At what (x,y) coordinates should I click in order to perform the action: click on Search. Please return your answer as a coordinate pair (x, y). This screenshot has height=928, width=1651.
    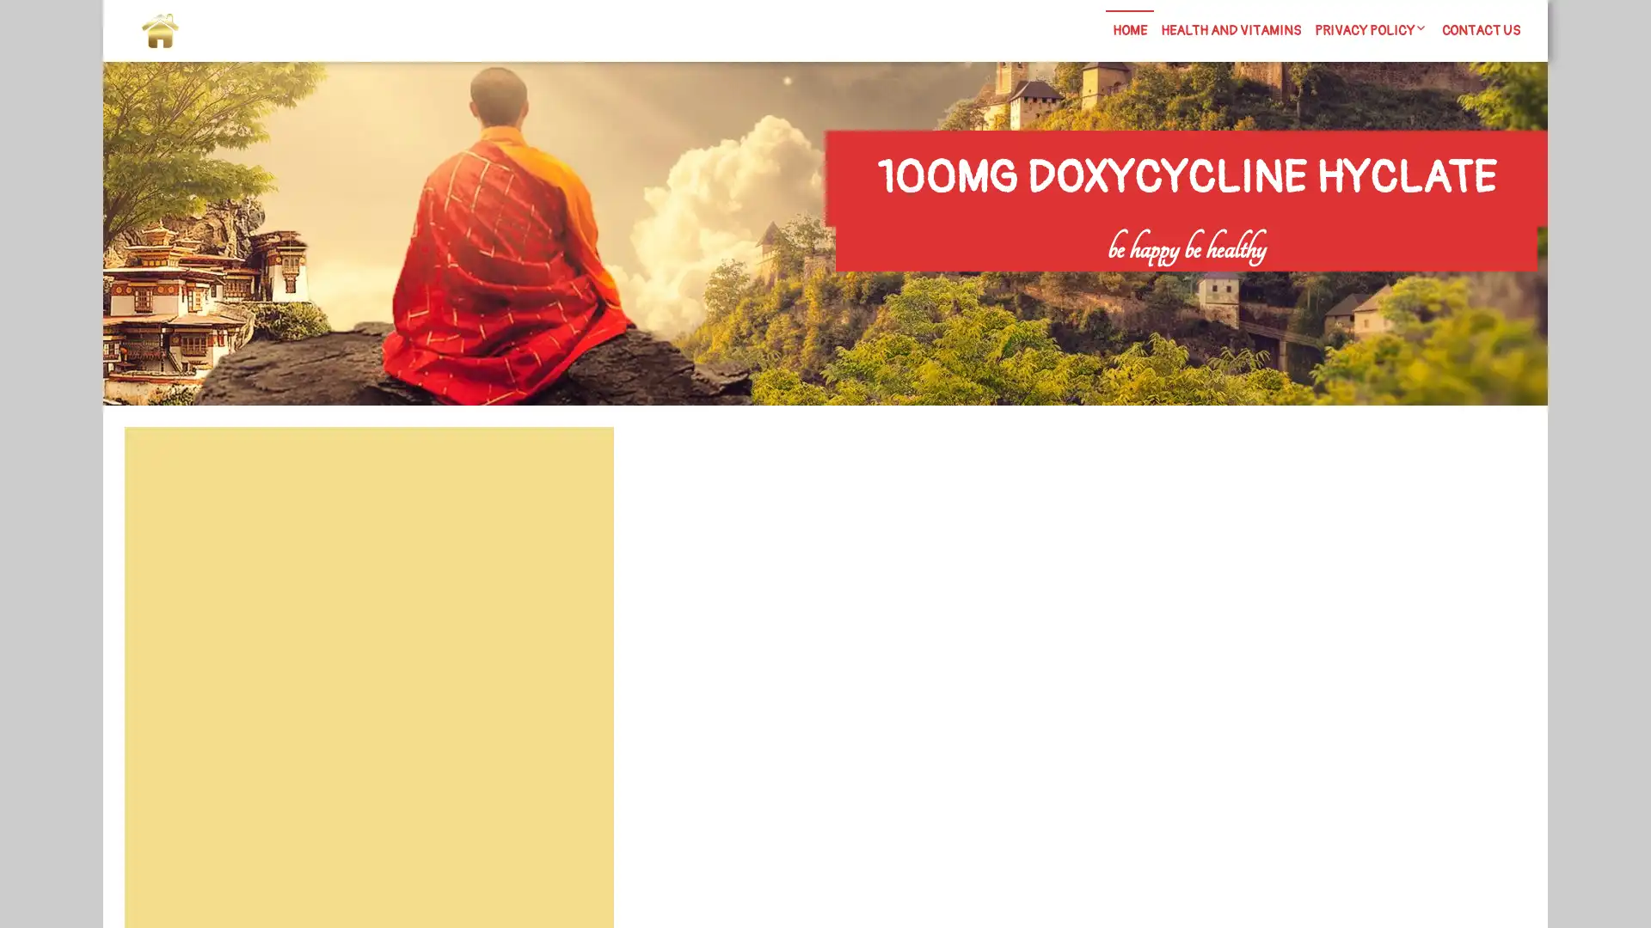
    Looking at the image, I should click on (1339, 281).